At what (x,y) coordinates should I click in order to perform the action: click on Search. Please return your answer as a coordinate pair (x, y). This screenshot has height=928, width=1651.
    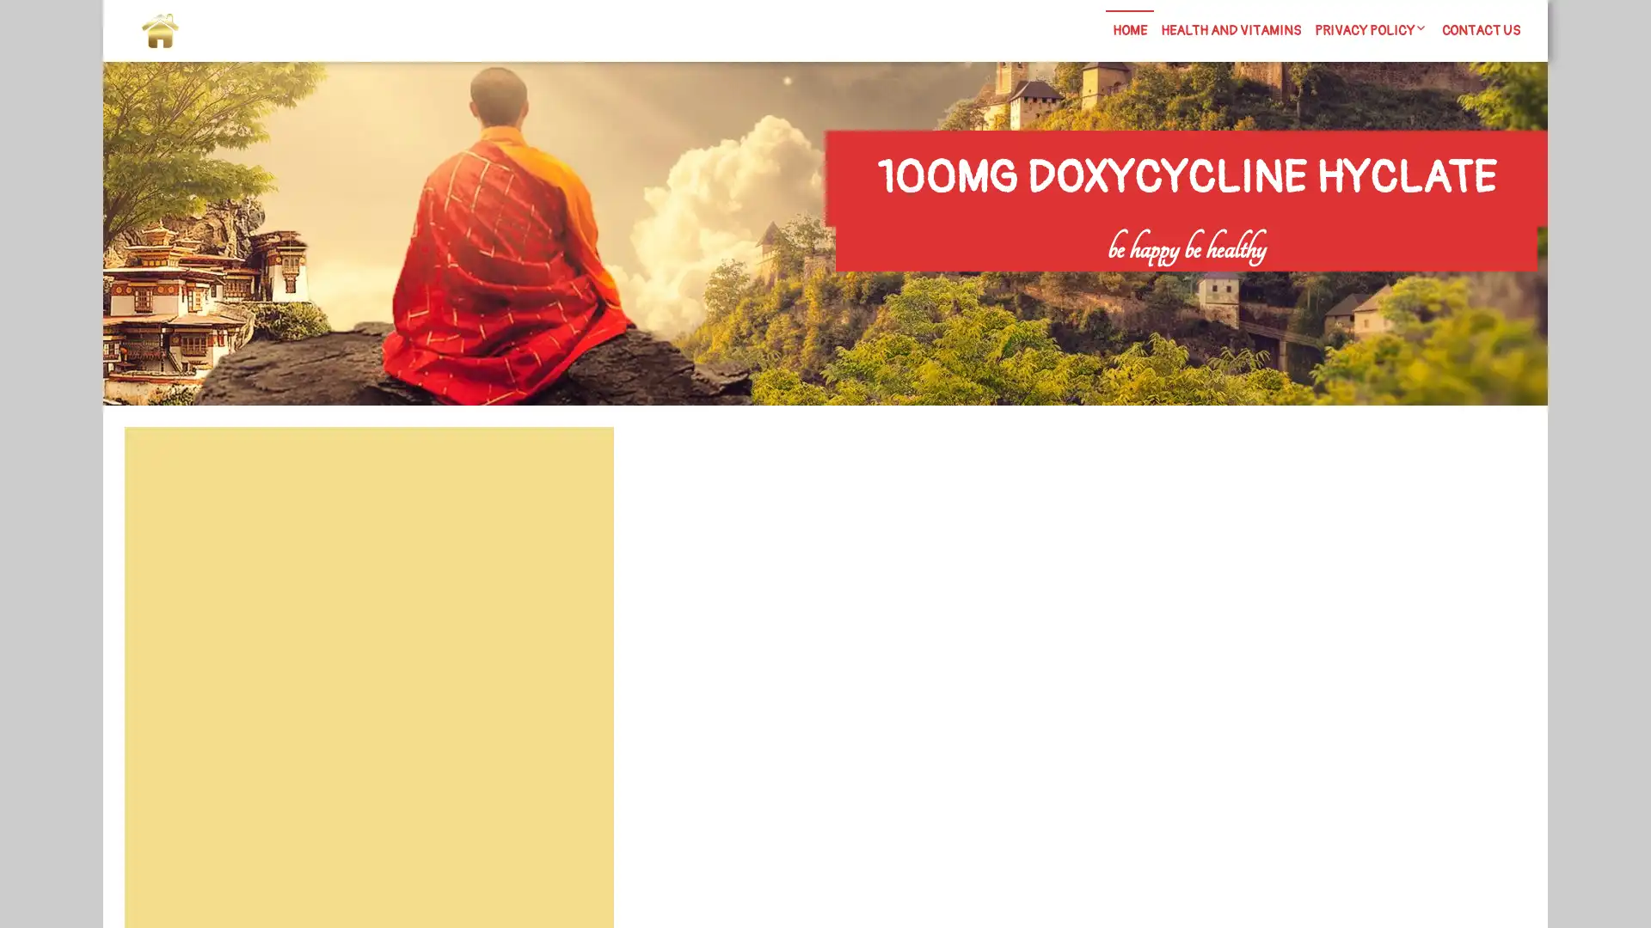
    Looking at the image, I should click on (1339, 281).